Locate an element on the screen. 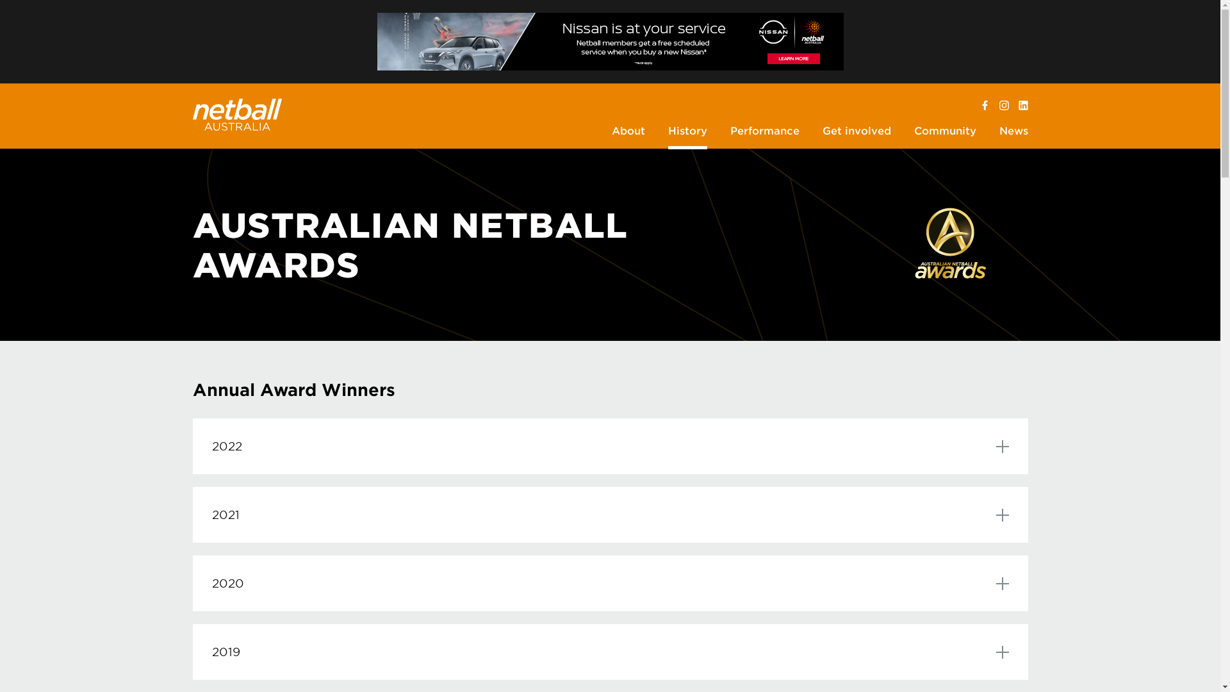  '2020' is located at coordinates (609, 583).